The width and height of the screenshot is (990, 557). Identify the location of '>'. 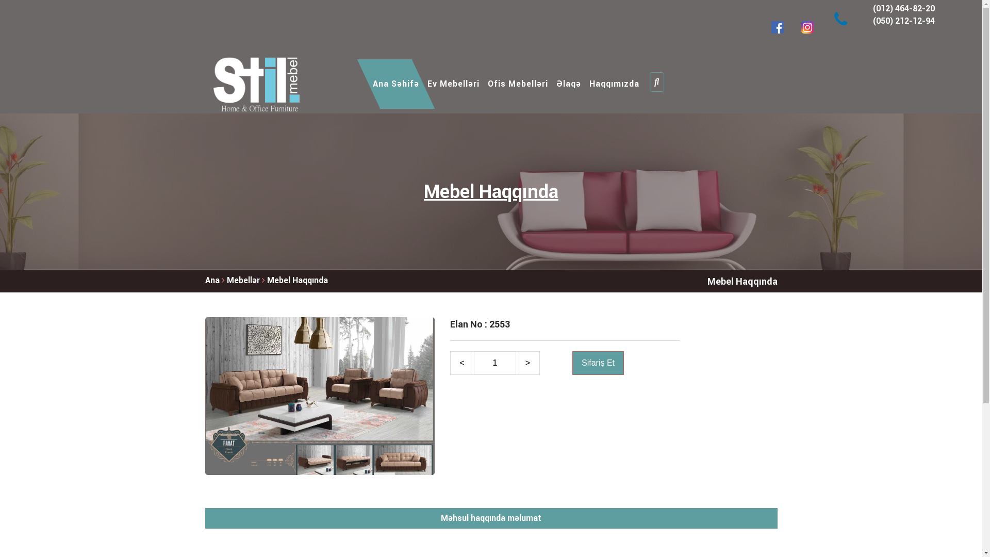
(515, 363).